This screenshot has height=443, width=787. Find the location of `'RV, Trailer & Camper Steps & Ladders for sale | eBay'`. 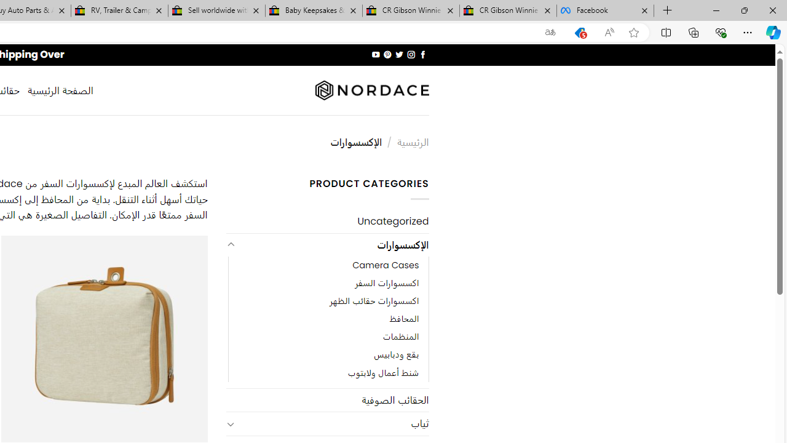

'RV, Trailer & Camper Steps & Ladders for sale | eBay' is located at coordinates (119, 10).